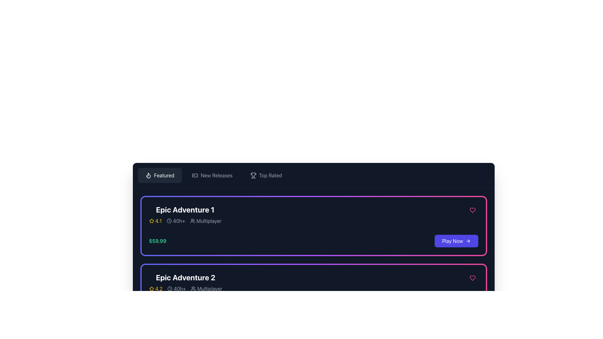 Image resolution: width=603 pixels, height=339 pixels. Describe the element at coordinates (472, 278) in the screenshot. I see `the 'favorite' button located in the top-right corner of the card labeled 'Epic Adventure 2'` at that location.